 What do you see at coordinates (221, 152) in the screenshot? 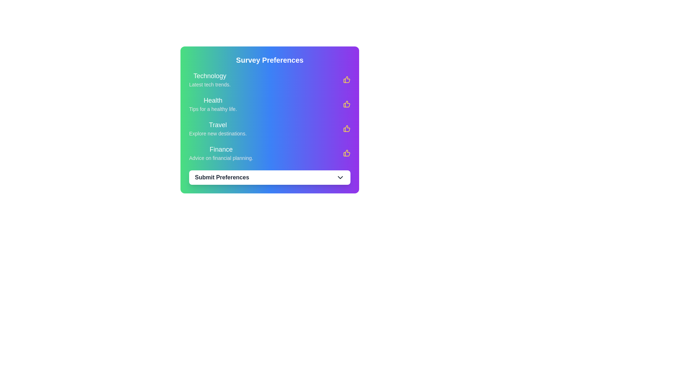
I see `the text label displaying 'Finance' and 'Advice on financial planning.' in the Survey Preferences card layout to read it` at bounding box center [221, 152].